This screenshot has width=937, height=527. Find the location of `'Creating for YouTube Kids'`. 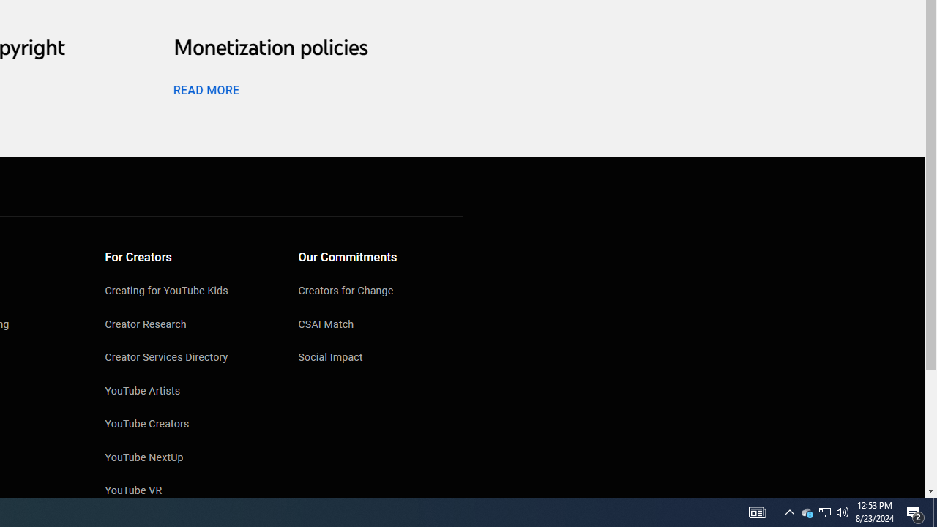

'Creating for YouTube Kids' is located at coordinates (187, 292).